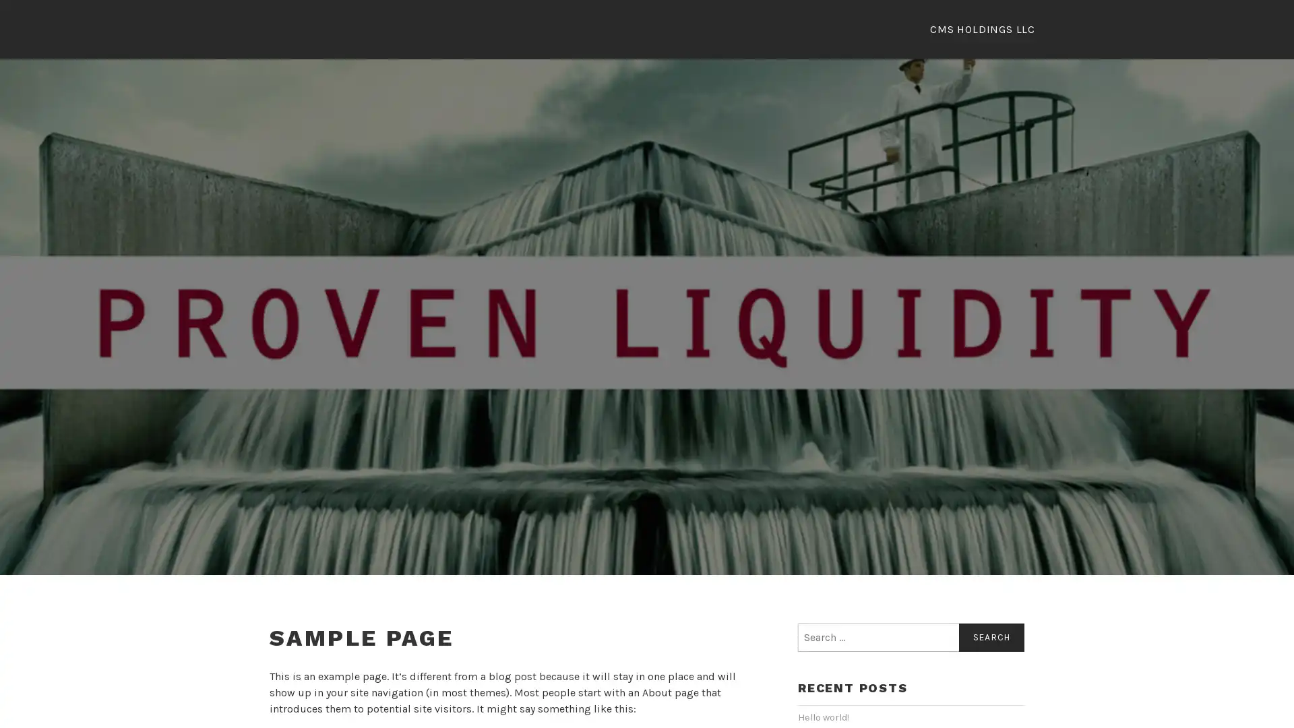 The image size is (1294, 728). What do you see at coordinates (991, 638) in the screenshot?
I see `Search` at bounding box center [991, 638].